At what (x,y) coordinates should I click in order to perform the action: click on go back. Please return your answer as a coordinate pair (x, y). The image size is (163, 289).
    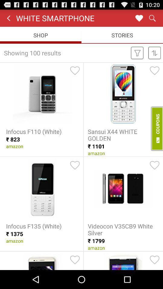
    Looking at the image, I should click on (139, 18).